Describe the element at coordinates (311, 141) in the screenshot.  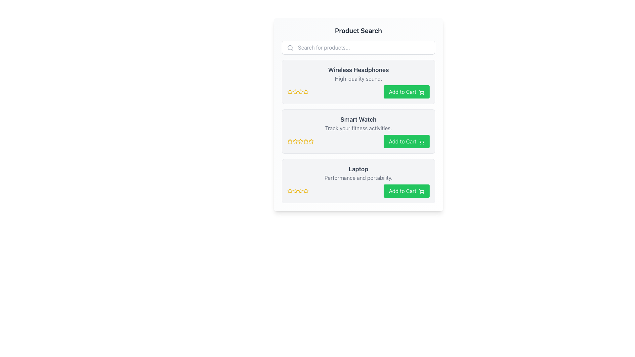
I see `the third yellow star icon in the rating system below the 'Smart Watch' text` at that location.